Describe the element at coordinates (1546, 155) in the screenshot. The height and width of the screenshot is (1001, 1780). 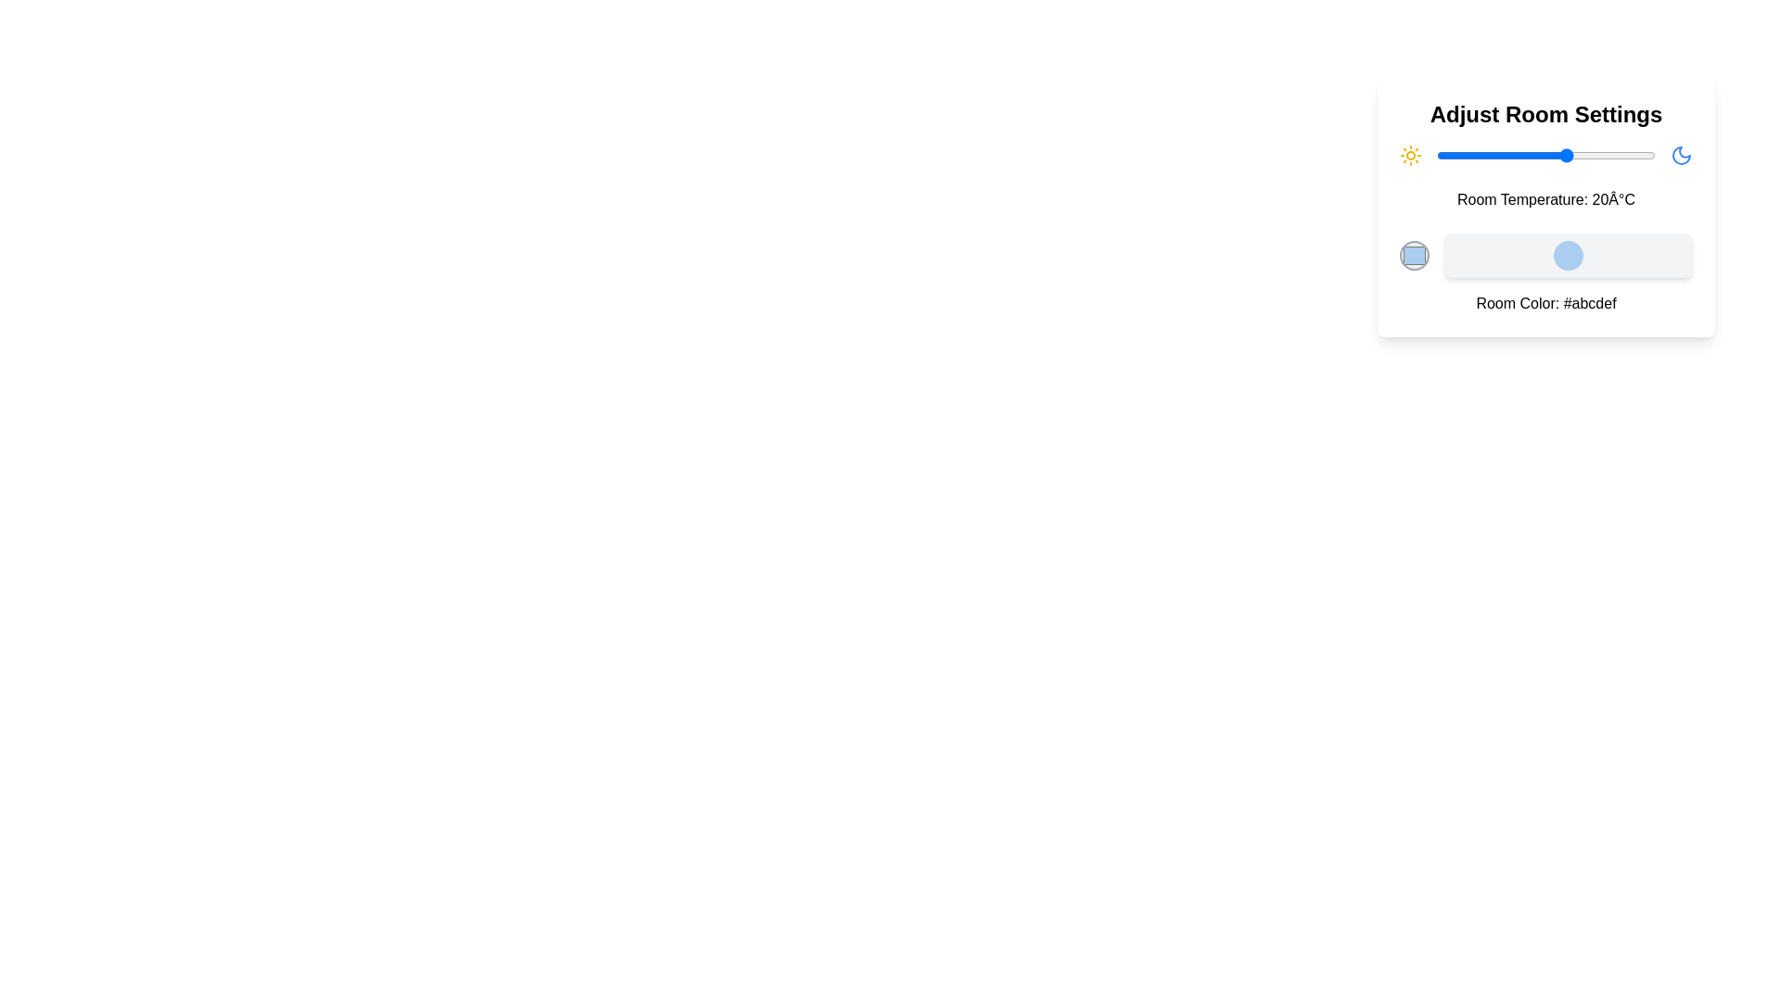
I see `the temperature_slider input element for keyboard interaction` at that location.